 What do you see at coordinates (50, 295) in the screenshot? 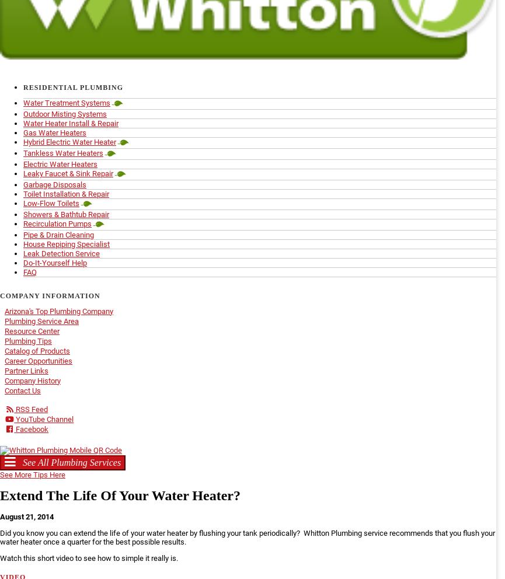
I see `'Company Information'` at bounding box center [50, 295].